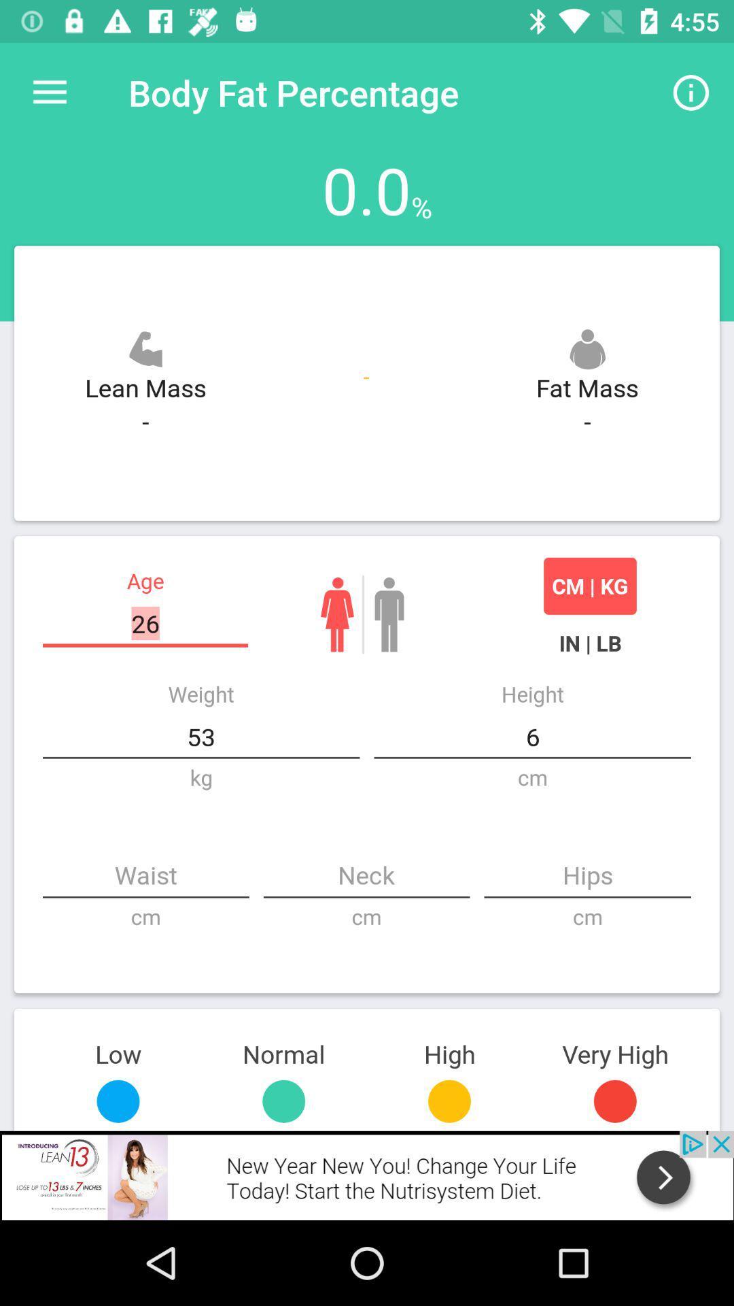 This screenshot has width=734, height=1306. Describe the element at coordinates (145, 349) in the screenshot. I see `the icon above lean mass` at that location.